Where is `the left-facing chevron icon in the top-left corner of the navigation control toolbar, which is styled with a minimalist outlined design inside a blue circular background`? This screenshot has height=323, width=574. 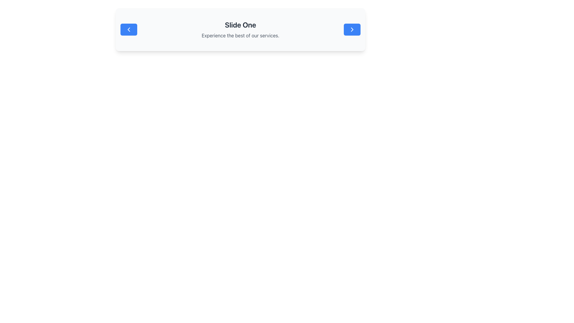
the left-facing chevron icon in the top-left corner of the navigation control toolbar, which is styled with a minimalist outlined design inside a blue circular background is located at coordinates (129, 30).